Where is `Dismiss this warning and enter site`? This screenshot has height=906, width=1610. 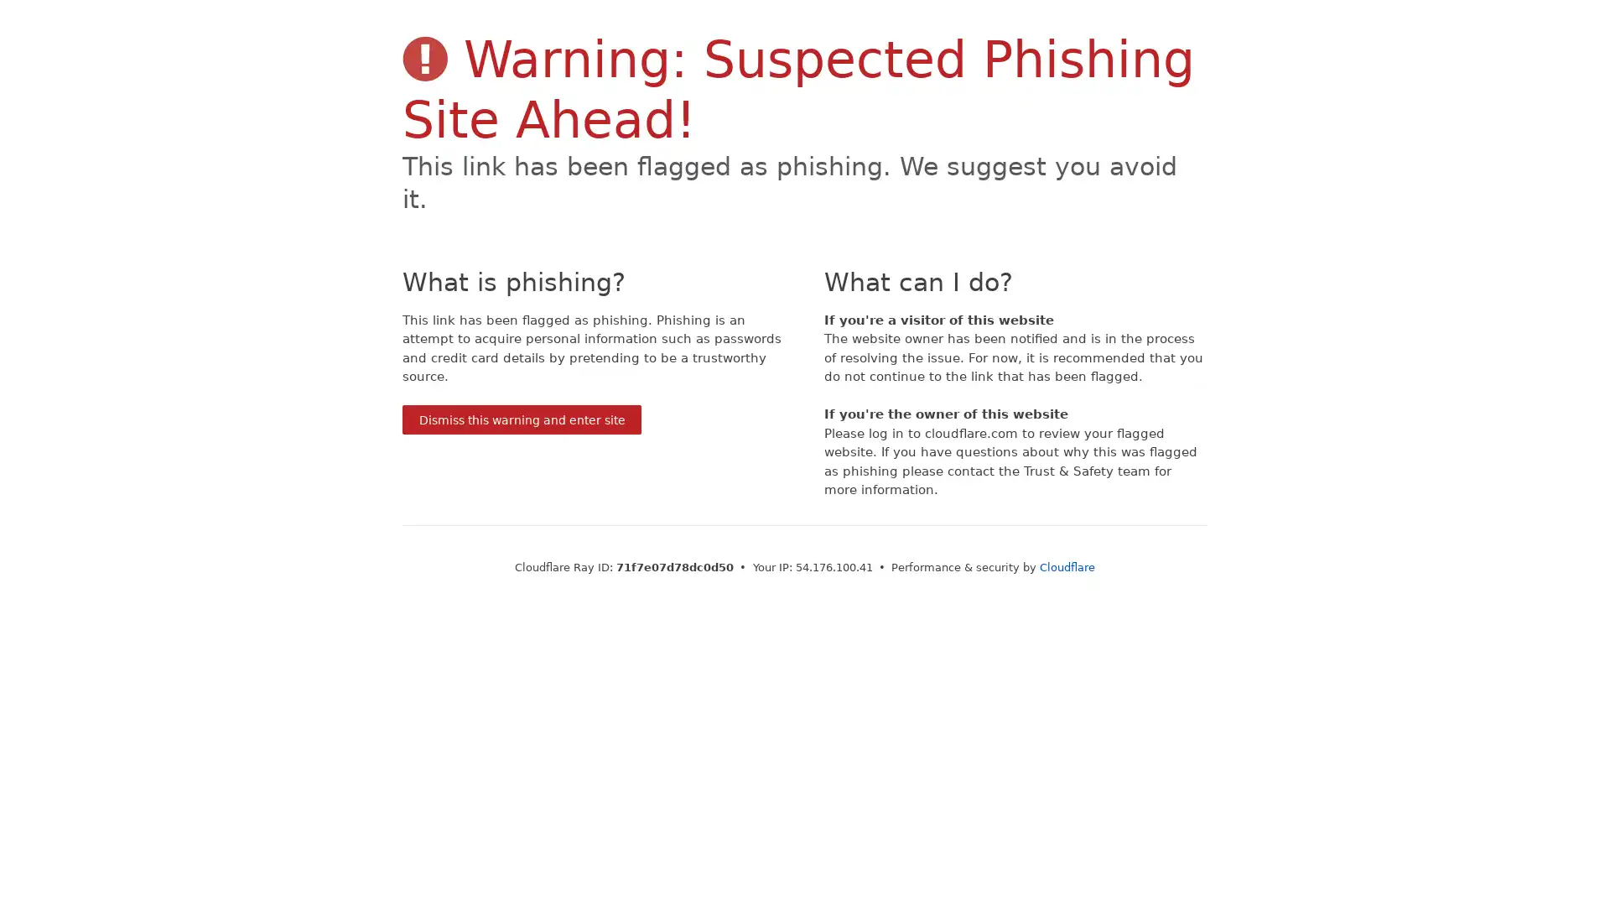 Dismiss this warning and enter site is located at coordinates (521, 419).